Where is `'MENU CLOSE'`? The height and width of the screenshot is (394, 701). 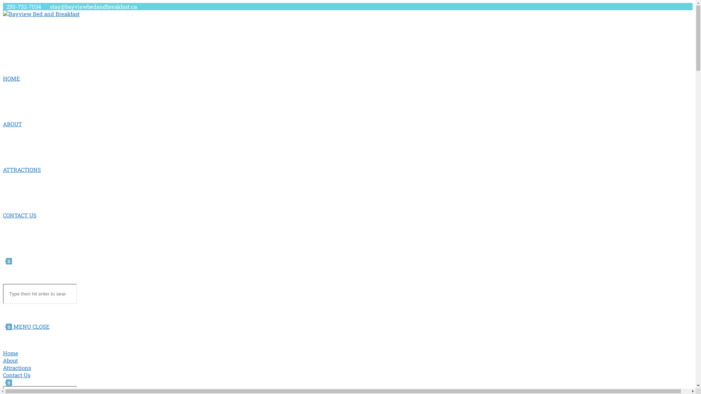 'MENU CLOSE' is located at coordinates (14, 326).